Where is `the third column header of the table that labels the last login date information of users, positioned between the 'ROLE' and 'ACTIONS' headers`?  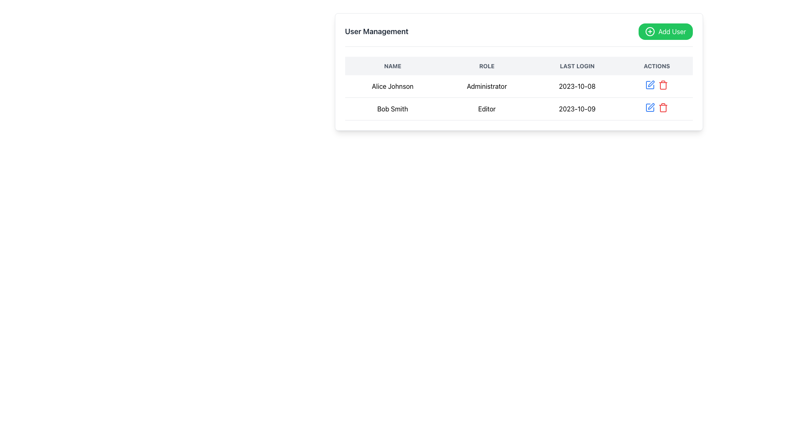 the third column header of the table that labels the last login date information of users, positioned between the 'ROLE' and 'ACTIONS' headers is located at coordinates (577, 65).